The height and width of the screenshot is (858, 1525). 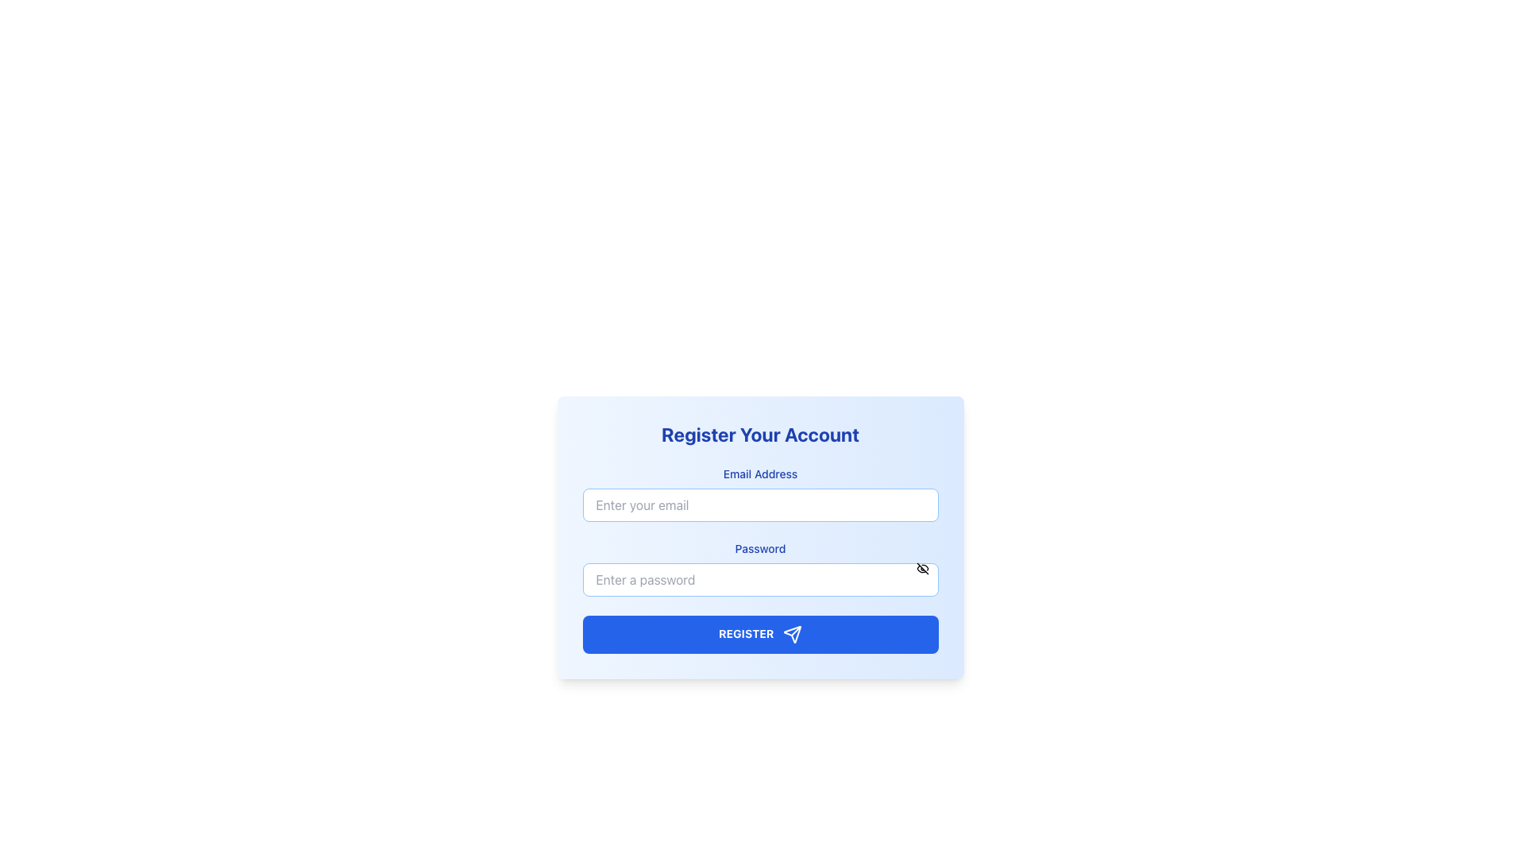 I want to click on the Password input field with visibility toggle button, so click(x=759, y=568).